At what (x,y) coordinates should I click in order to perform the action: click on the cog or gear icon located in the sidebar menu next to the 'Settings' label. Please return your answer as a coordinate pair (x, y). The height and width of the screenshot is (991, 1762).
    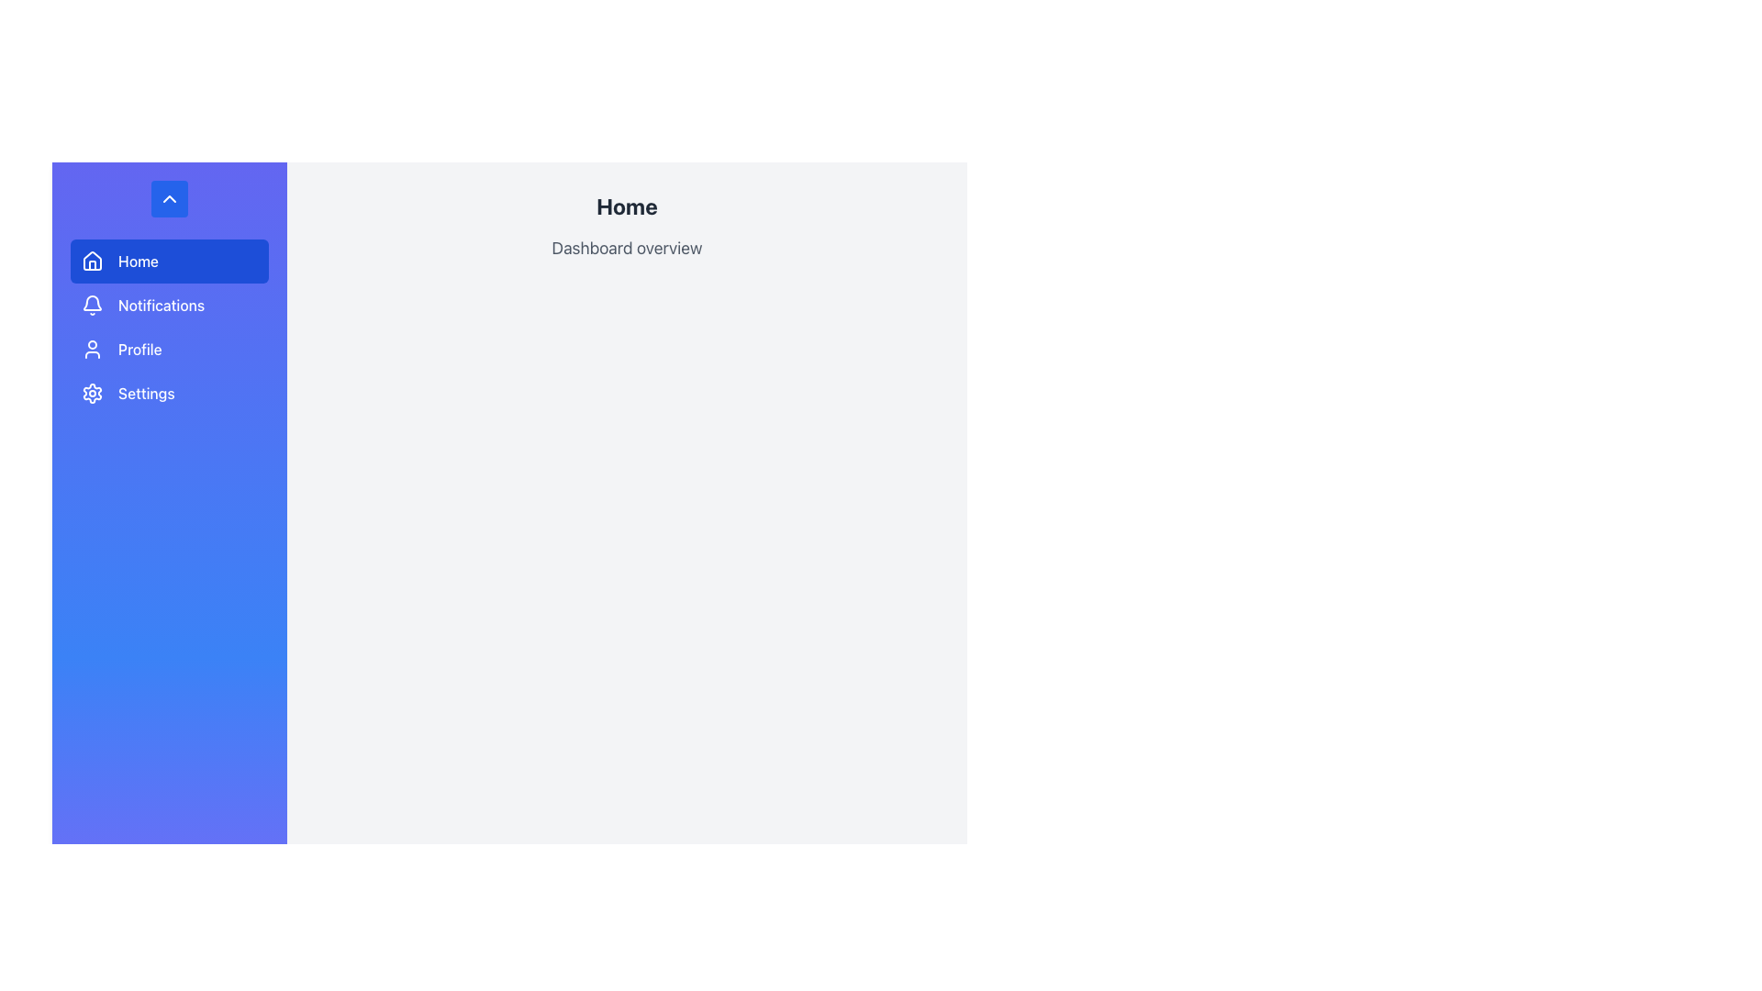
    Looking at the image, I should click on (91, 392).